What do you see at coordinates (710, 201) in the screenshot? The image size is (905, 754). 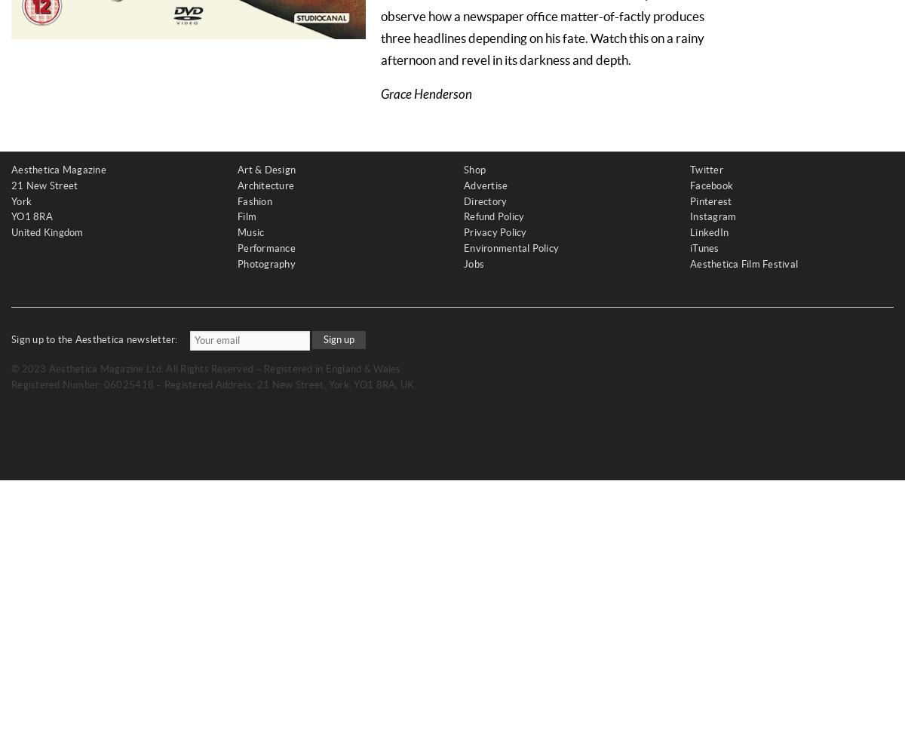 I see `'Pinterest'` at bounding box center [710, 201].